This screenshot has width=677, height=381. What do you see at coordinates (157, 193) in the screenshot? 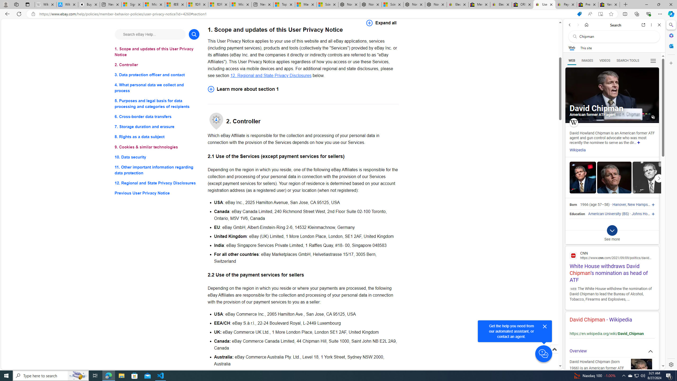
I see `'Previous User Privacy Notice'` at bounding box center [157, 193].